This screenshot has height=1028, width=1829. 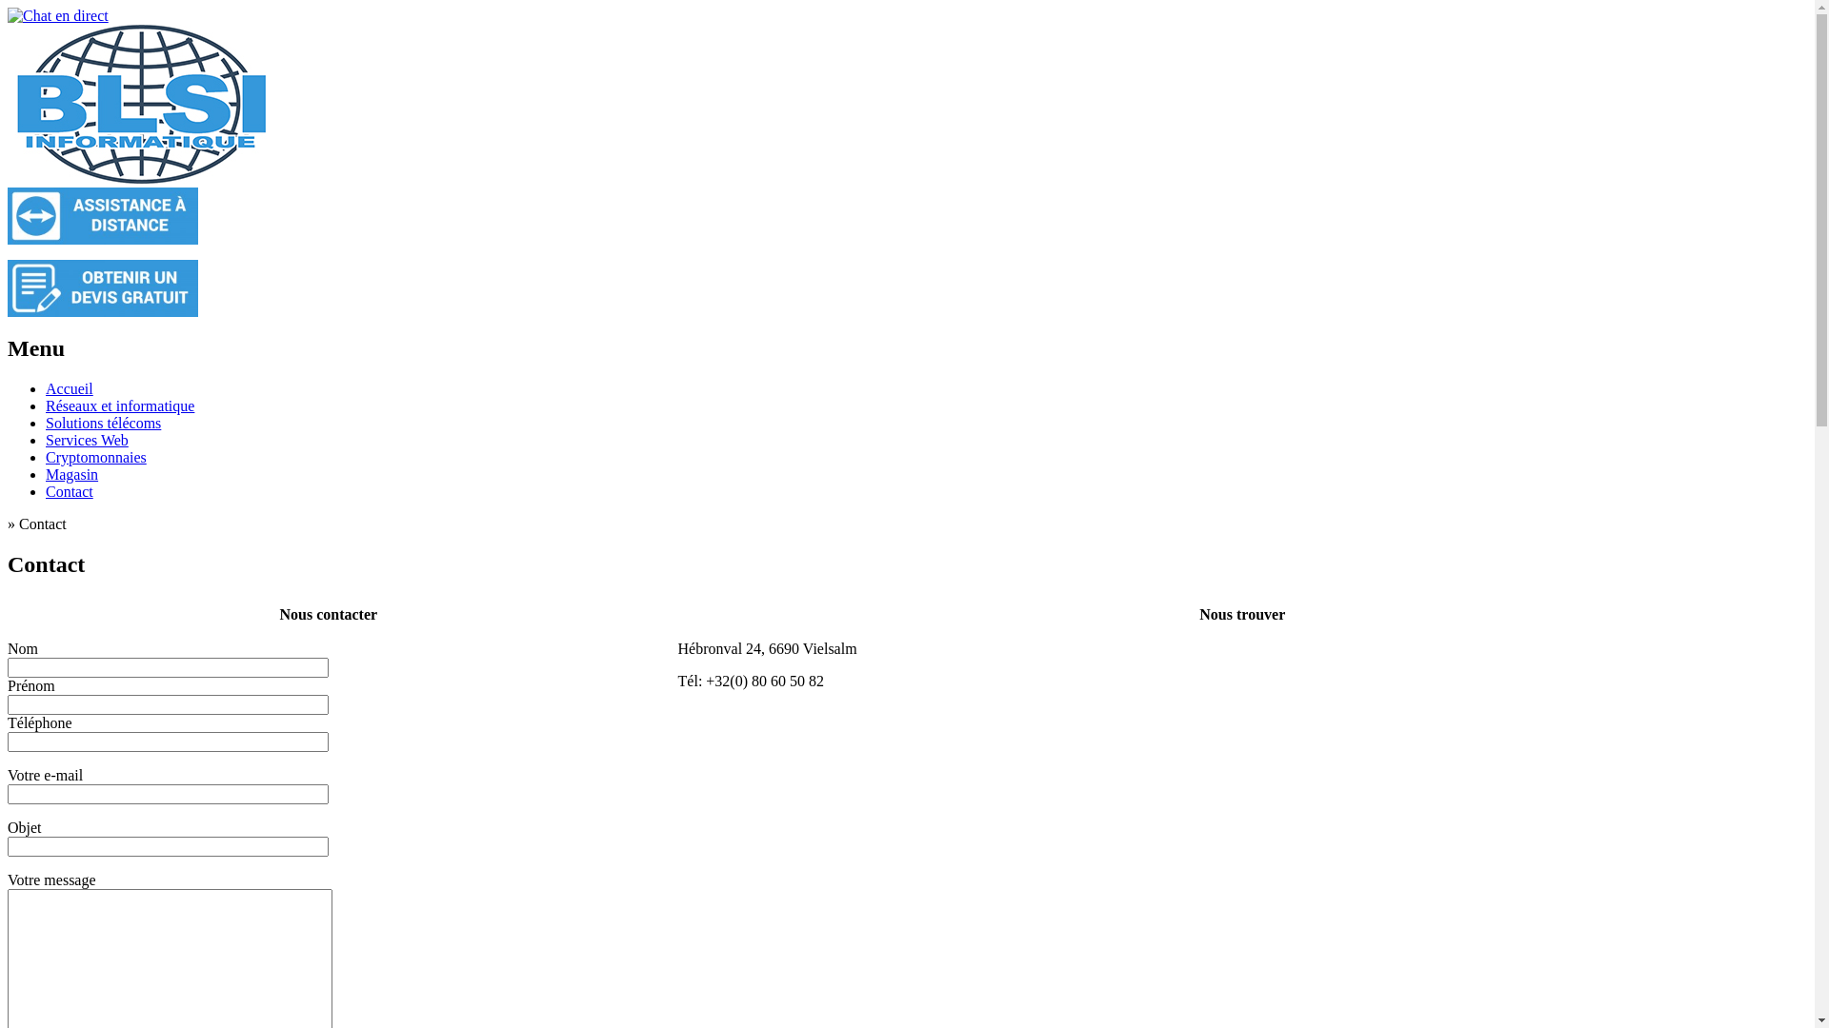 What do you see at coordinates (69, 387) in the screenshot?
I see `'Accueil'` at bounding box center [69, 387].